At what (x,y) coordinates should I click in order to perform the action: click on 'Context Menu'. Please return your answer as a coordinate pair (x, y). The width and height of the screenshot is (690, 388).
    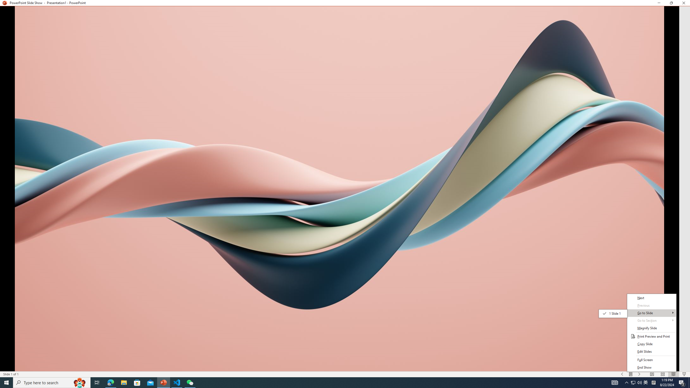
    Looking at the image, I should click on (651, 332).